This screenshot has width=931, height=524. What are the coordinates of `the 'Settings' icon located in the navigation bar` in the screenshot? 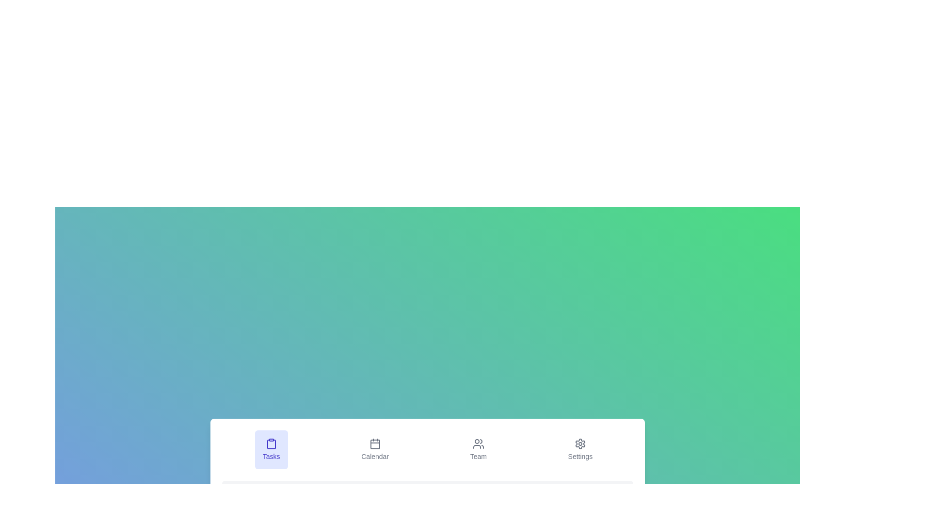 It's located at (580, 443).